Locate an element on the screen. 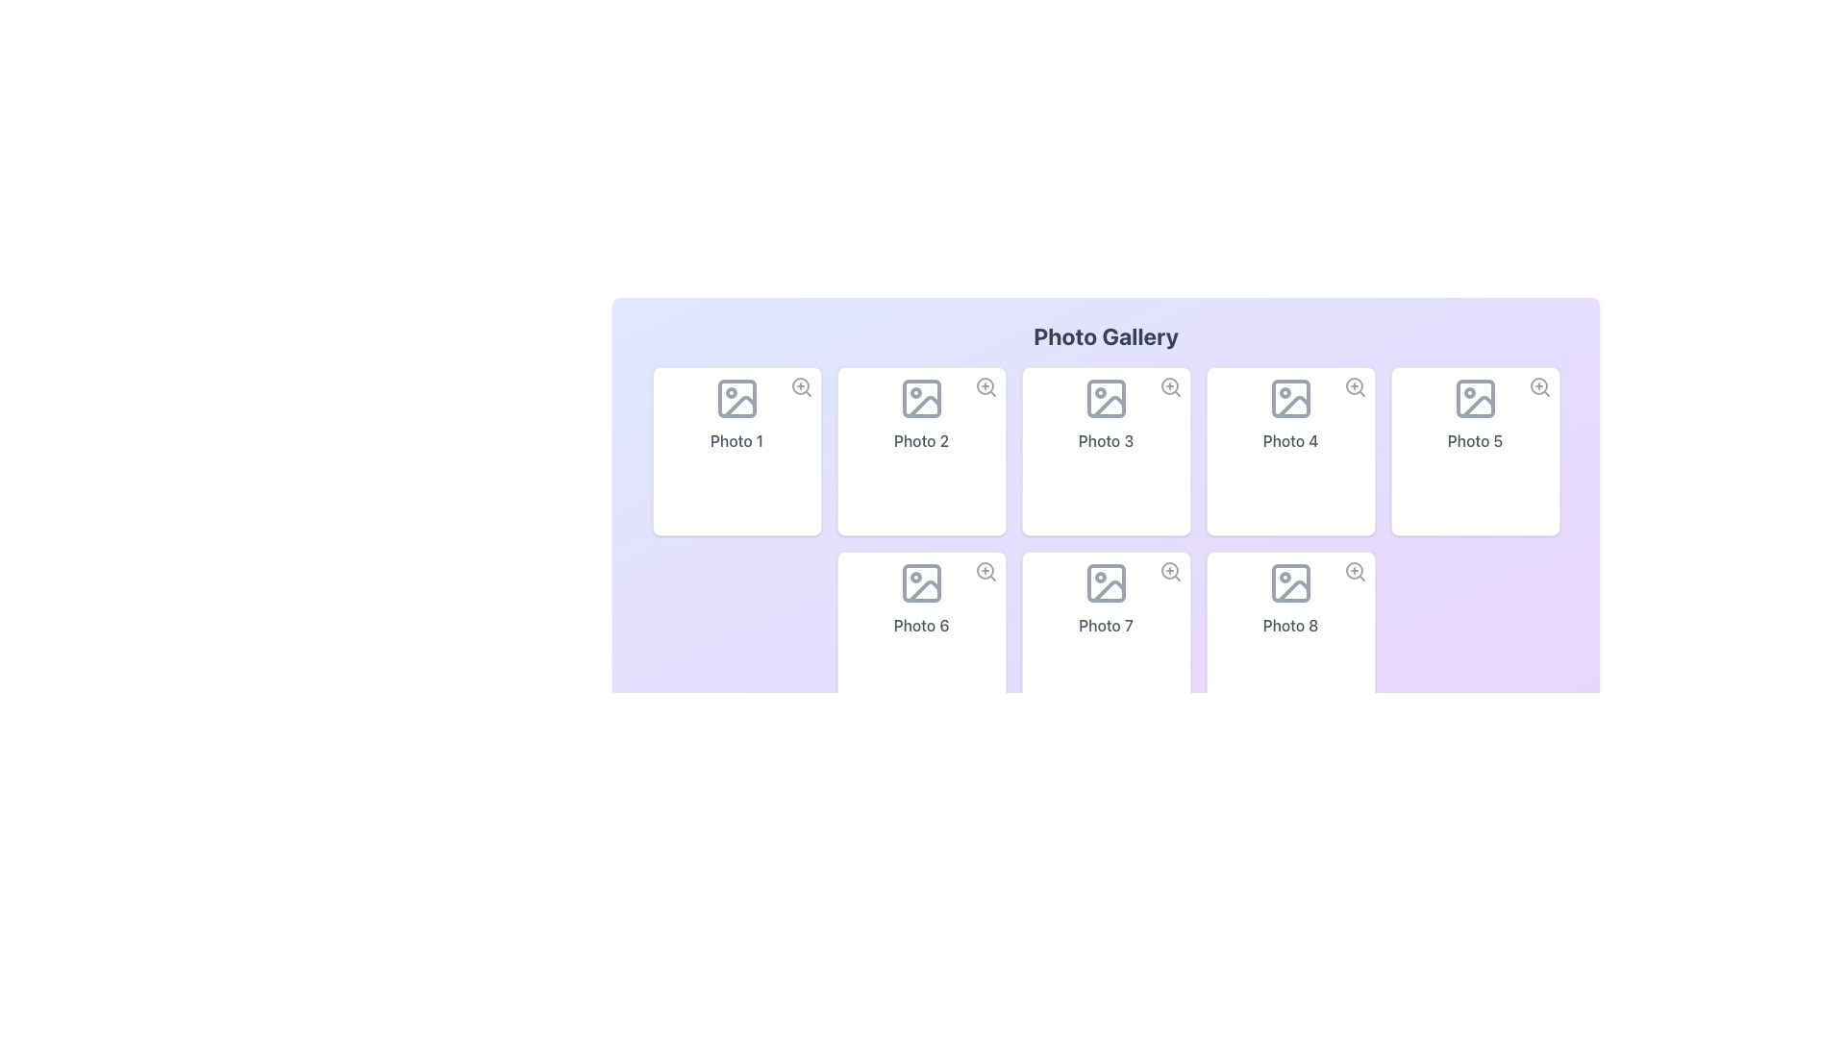 The height and width of the screenshot is (1038, 1846). the broken image icon detail within the seventh photo in the gallery grid, which is represented by a diagonal line indicating an incomplete image is located at coordinates (1109, 590).